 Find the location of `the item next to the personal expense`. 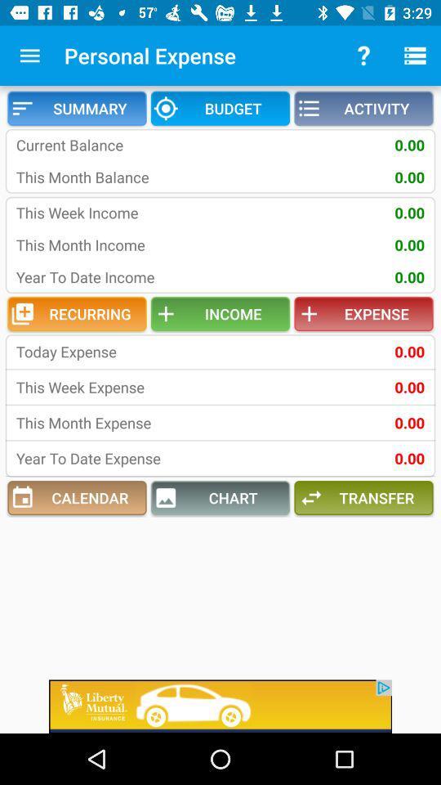

the item next to the personal expense is located at coordinates (29, 56).